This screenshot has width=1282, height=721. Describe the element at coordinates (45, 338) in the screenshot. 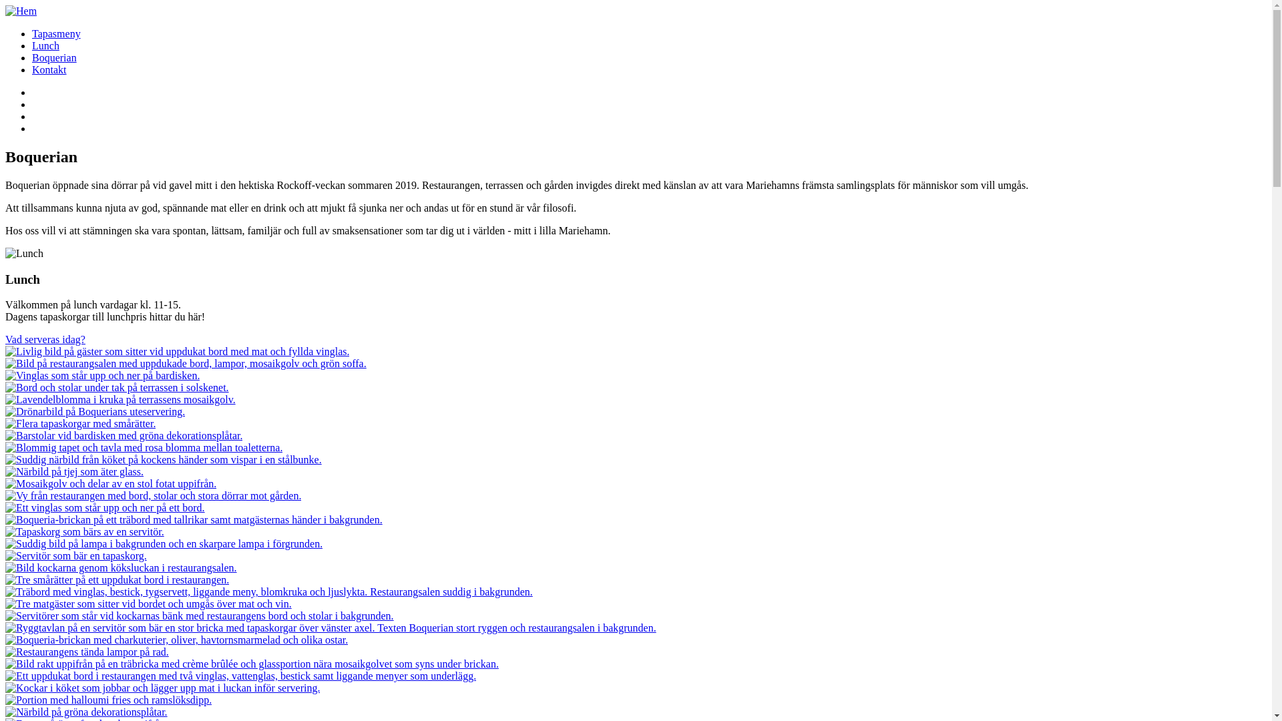

I see `'Vad serveras idag?'` at that location.